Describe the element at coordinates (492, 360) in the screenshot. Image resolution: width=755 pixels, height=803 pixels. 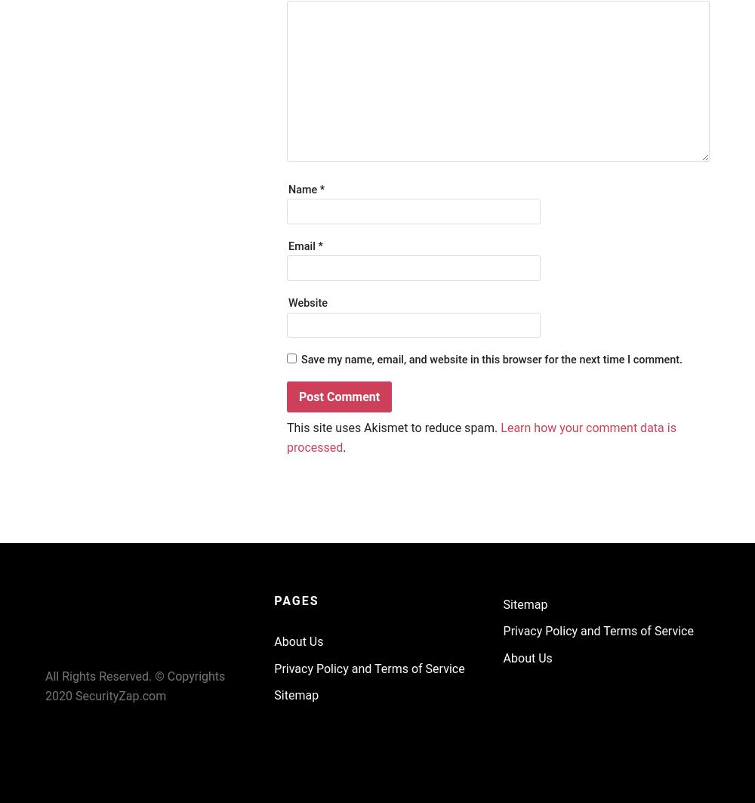
I see `'Save my name, email, and website in this browser for the next time I comment.'` at that location.